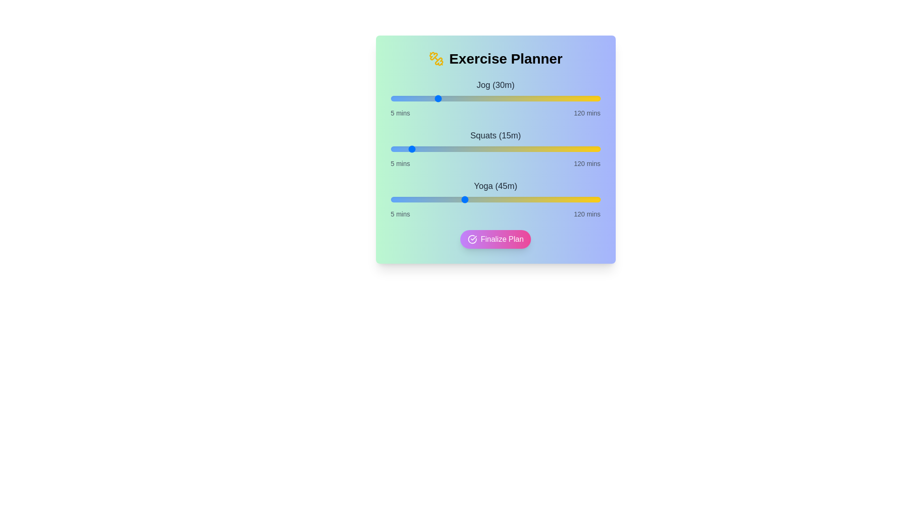  What do you see at coordinates (567, 99) in the screenshot?
I see `the 'Jog' slider to a specific duration 102` at bounding box center [567, 99].